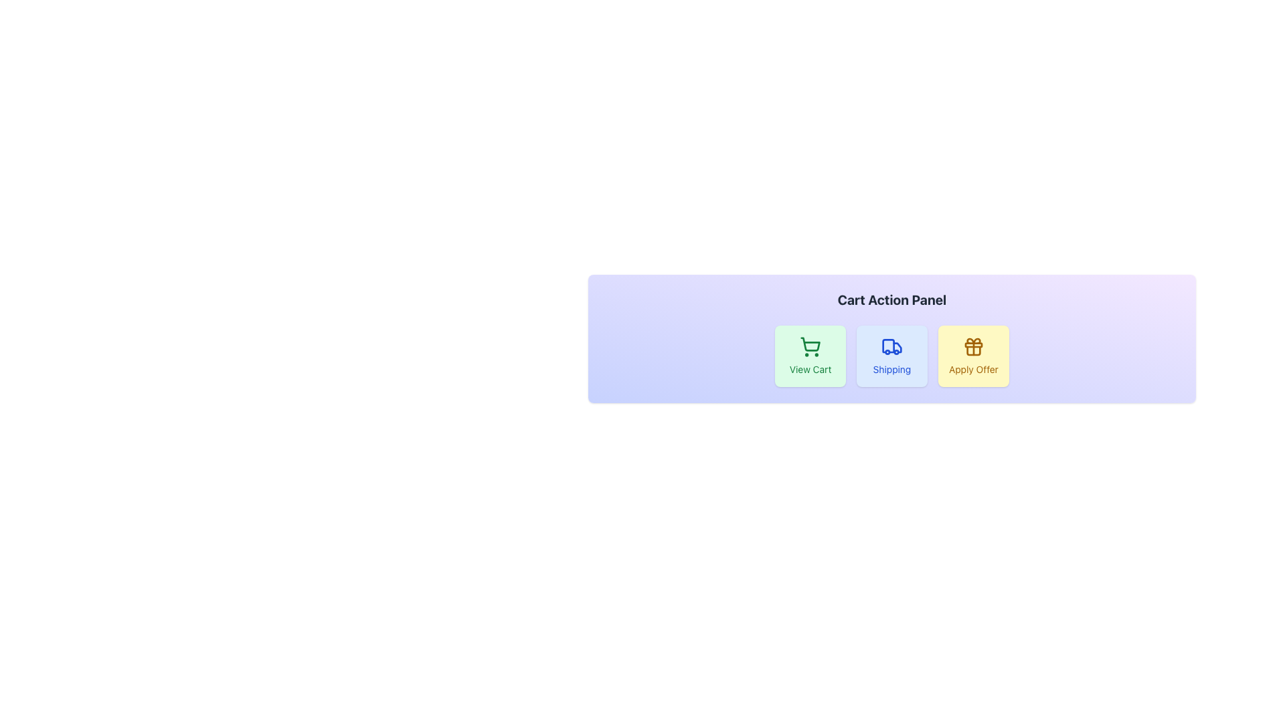 The height and width of the screenshot is (722, 1285). Describe the element at coordinates (892, 355) in the screenshot. I see `keyboard navigation` at that location.